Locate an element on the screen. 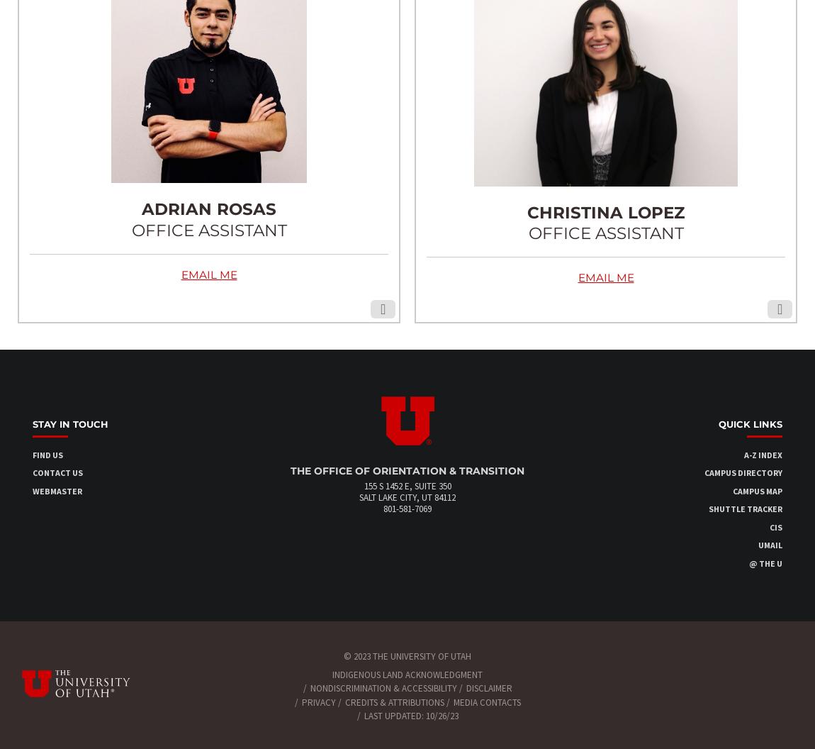 This screenshot has width=815, height=749. 'Credits & Attributions' is located at coordinates (394, 701).